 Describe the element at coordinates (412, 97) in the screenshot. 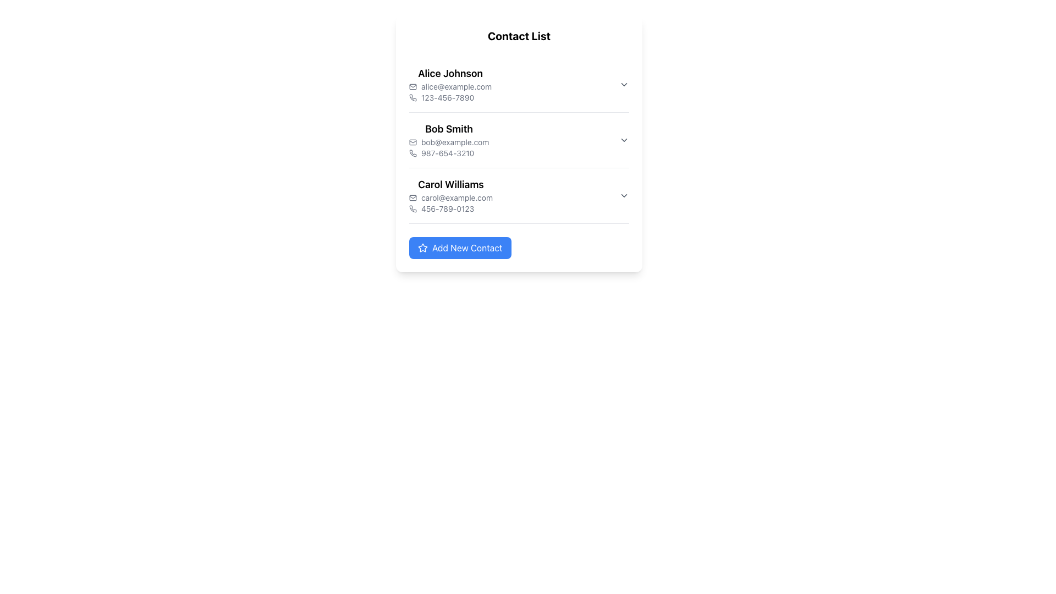

I see `the phone icon, which is styled with a monochromatic outline and located to the left of the text '123-456-7890' in the contact list UI` at that location.